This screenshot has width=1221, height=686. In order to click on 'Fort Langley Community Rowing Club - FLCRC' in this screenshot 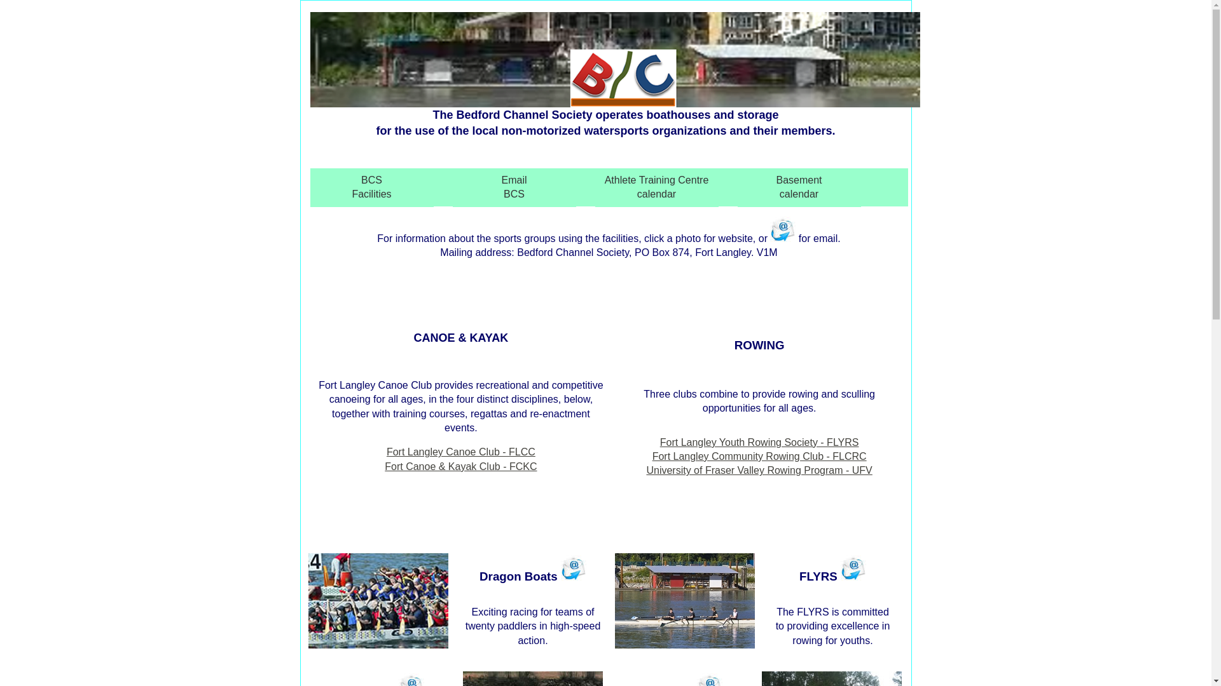, I will do `click(652, 455)`.